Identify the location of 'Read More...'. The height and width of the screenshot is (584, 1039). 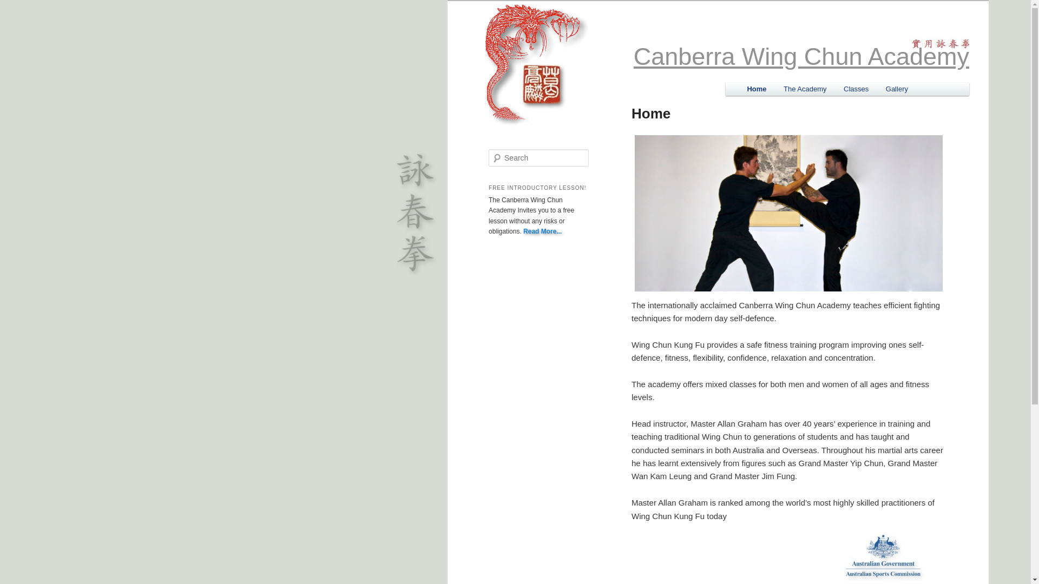
(542, 231).